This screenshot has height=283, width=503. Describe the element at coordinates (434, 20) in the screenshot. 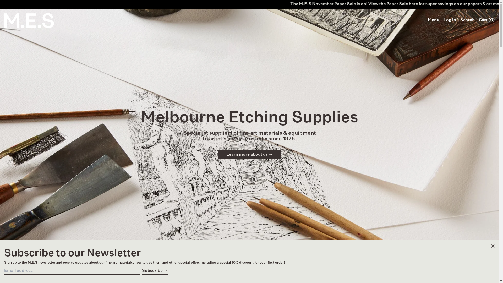

I see `'Menu'` at that location.